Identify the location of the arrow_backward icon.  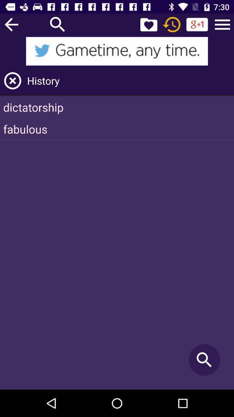
(11, 24).